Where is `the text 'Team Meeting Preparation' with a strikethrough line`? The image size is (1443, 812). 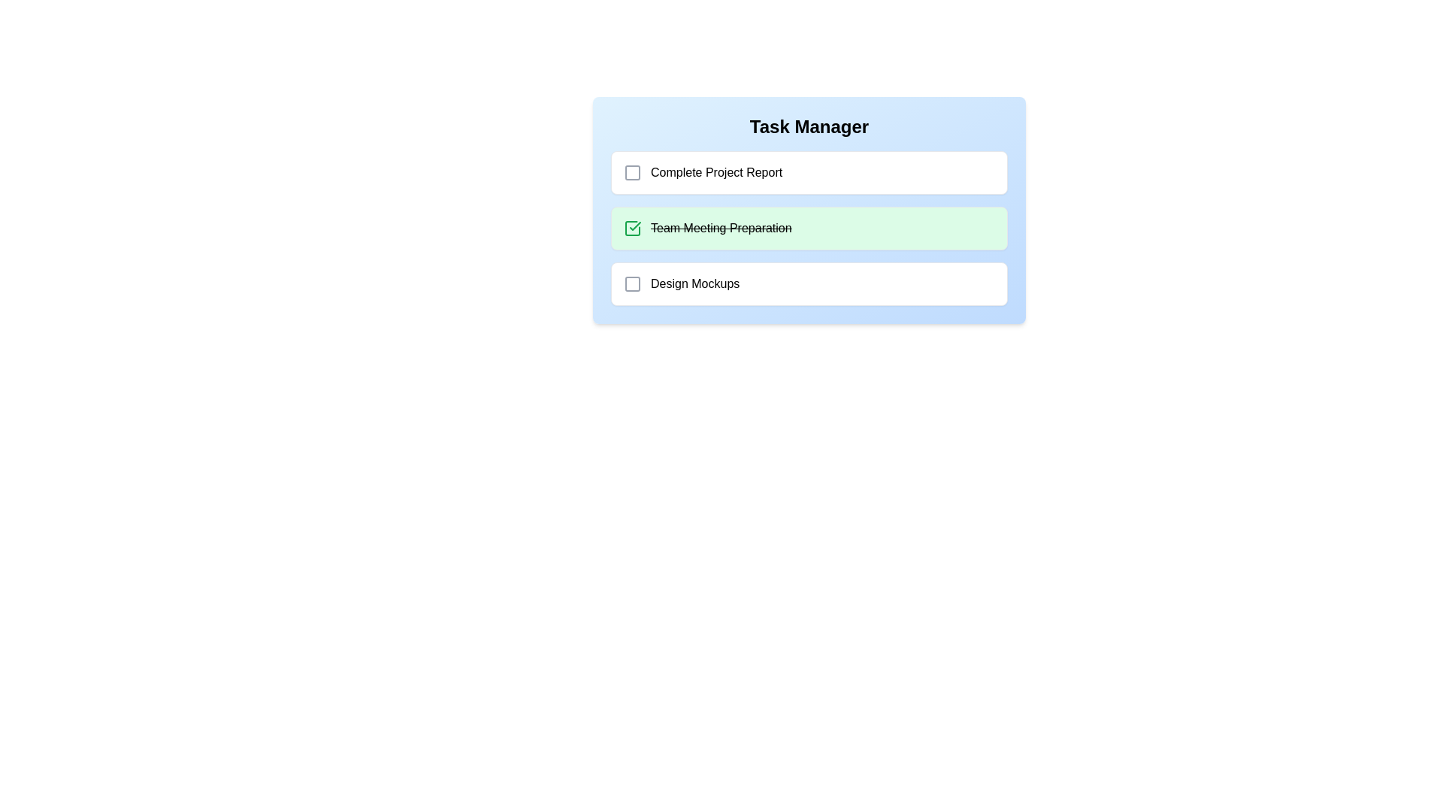
the text 'Team Meeting Preparation' with a strikethrough line is located at coordinates (720, 229).